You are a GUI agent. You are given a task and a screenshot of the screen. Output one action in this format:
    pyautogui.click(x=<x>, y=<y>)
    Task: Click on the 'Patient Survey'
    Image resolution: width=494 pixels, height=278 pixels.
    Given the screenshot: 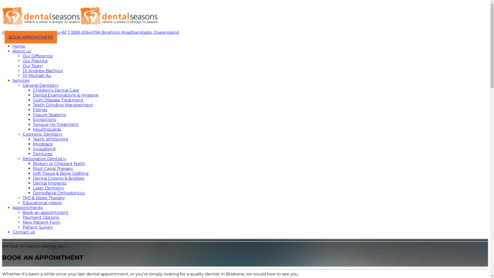 What is the action you would take?
    pyautogui.click(x=38, y=227)
    